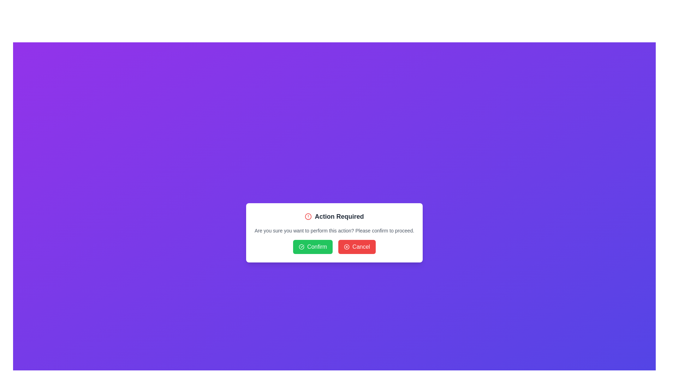 This screenshot has width=678, height=381. Describe the element at coordinates (313, 246) in the screenshot. I see `the 'Confirm' button, which is a rectangular button with a green background and white text` at that location.